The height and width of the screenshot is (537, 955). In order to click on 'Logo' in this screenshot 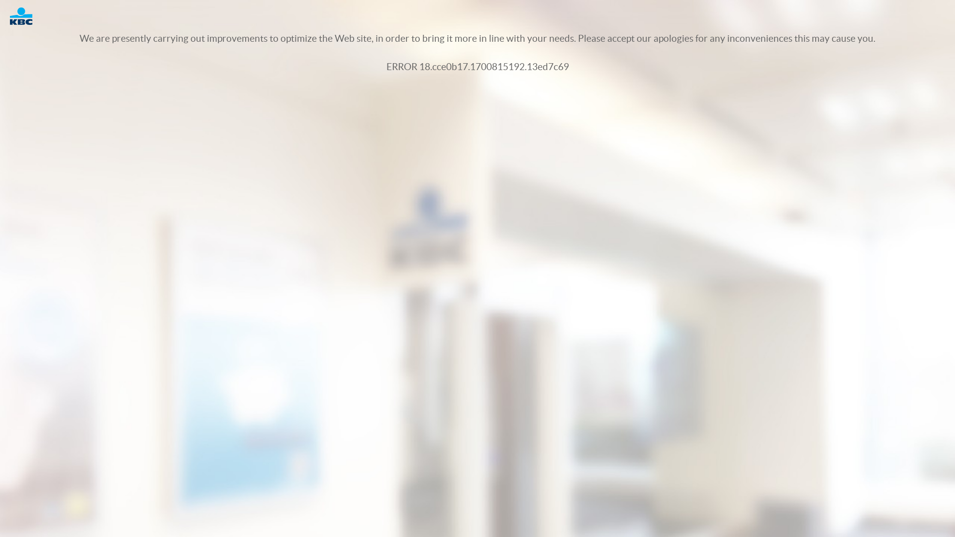, I will do `click(26, 16)`.